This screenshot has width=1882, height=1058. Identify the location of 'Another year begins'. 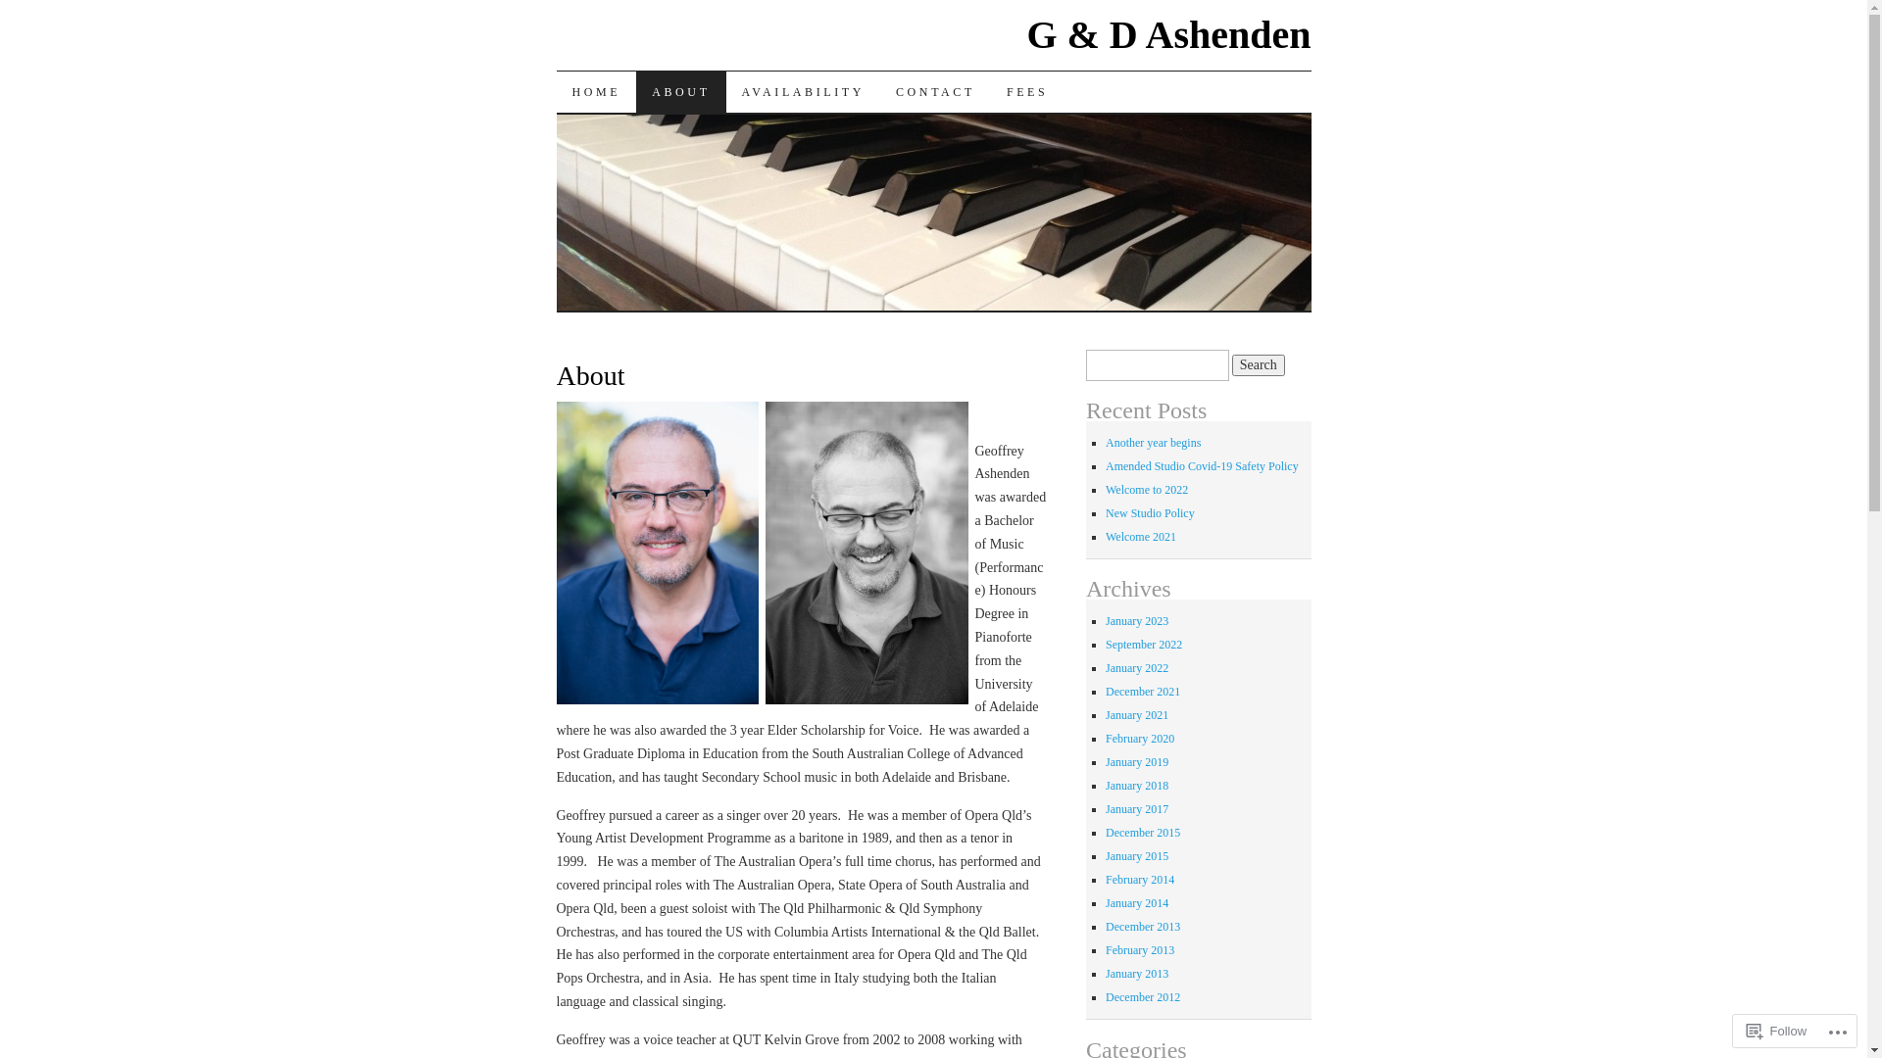
(1153, 442).